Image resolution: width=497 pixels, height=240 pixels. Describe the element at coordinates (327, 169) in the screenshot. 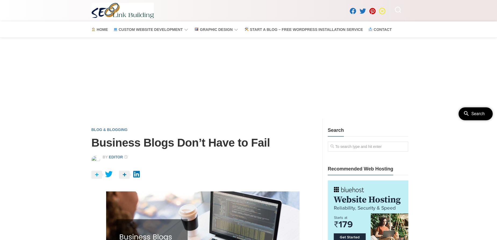

I see `'Recommended Web Hosting'` at that location.